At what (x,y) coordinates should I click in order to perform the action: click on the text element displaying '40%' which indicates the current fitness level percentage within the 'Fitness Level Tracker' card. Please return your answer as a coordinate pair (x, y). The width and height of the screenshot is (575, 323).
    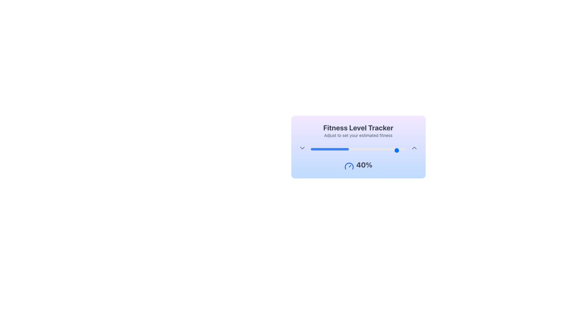
    Looking at the image, I should click on (364, 165).